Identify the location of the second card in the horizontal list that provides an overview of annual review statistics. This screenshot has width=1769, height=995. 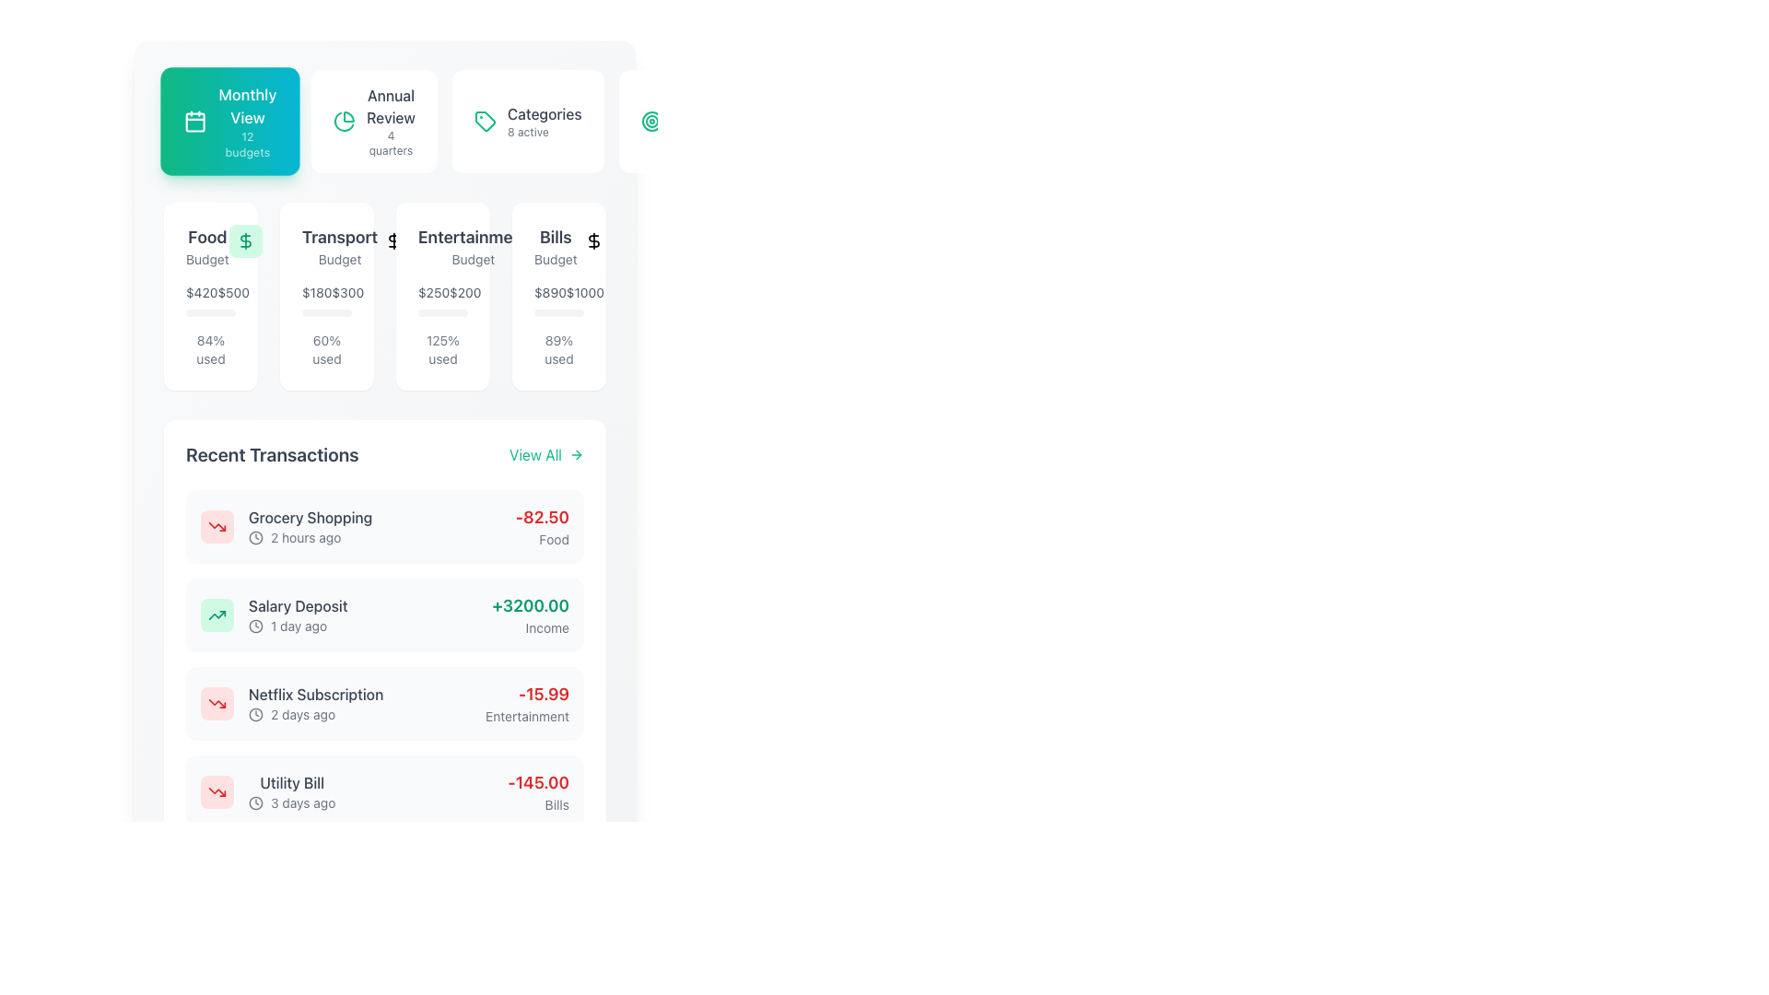
(373, 121).